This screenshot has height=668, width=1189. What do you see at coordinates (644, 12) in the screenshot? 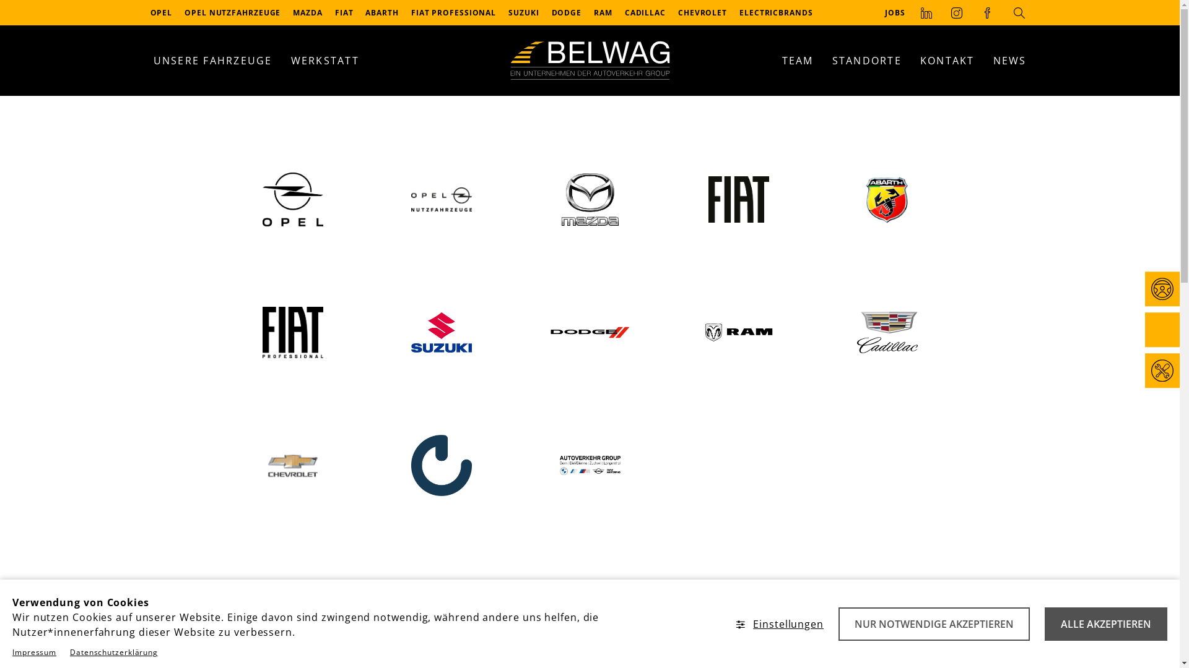
I see `'CADILLAC'` at bounding box center [644, 12].